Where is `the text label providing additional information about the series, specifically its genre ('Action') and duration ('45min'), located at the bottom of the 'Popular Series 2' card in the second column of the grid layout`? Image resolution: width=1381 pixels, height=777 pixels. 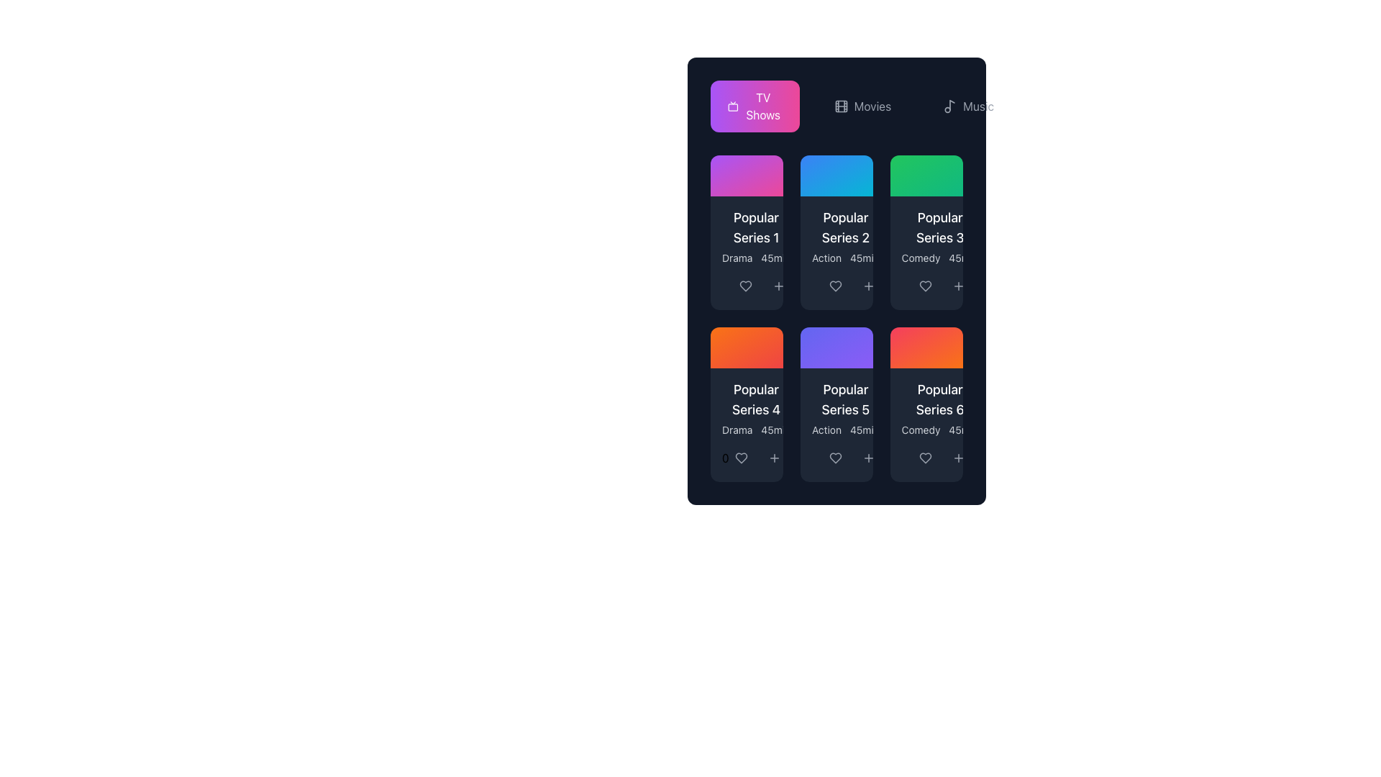
the text label providing additional information about the series, specifically its genre ('Action') and duration ('45min'), located at the bottom of the 'Popular Series 2' card in the second column of the grid layout is located at coordinates (846, 257).